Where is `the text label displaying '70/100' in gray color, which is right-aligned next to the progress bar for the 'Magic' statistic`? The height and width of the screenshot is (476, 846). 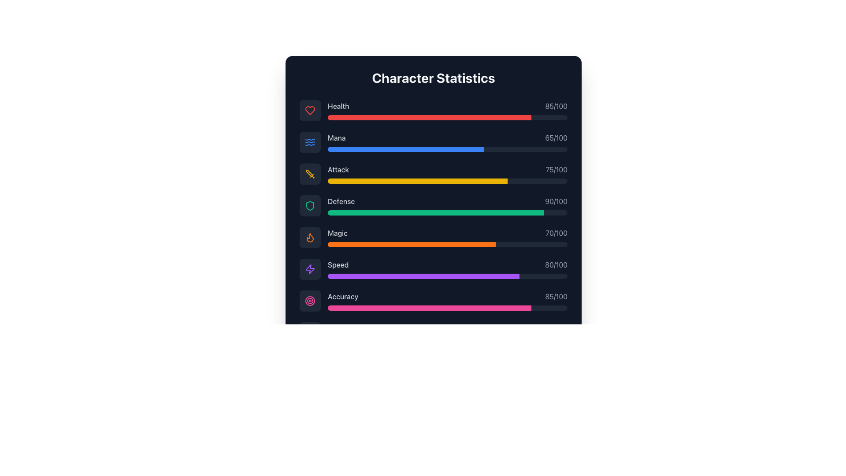
the text label displaying '70/100' in gray color, which is right-aligned next to the progress bar for the 'Magic' statistic is located at coordinates (556, 232).